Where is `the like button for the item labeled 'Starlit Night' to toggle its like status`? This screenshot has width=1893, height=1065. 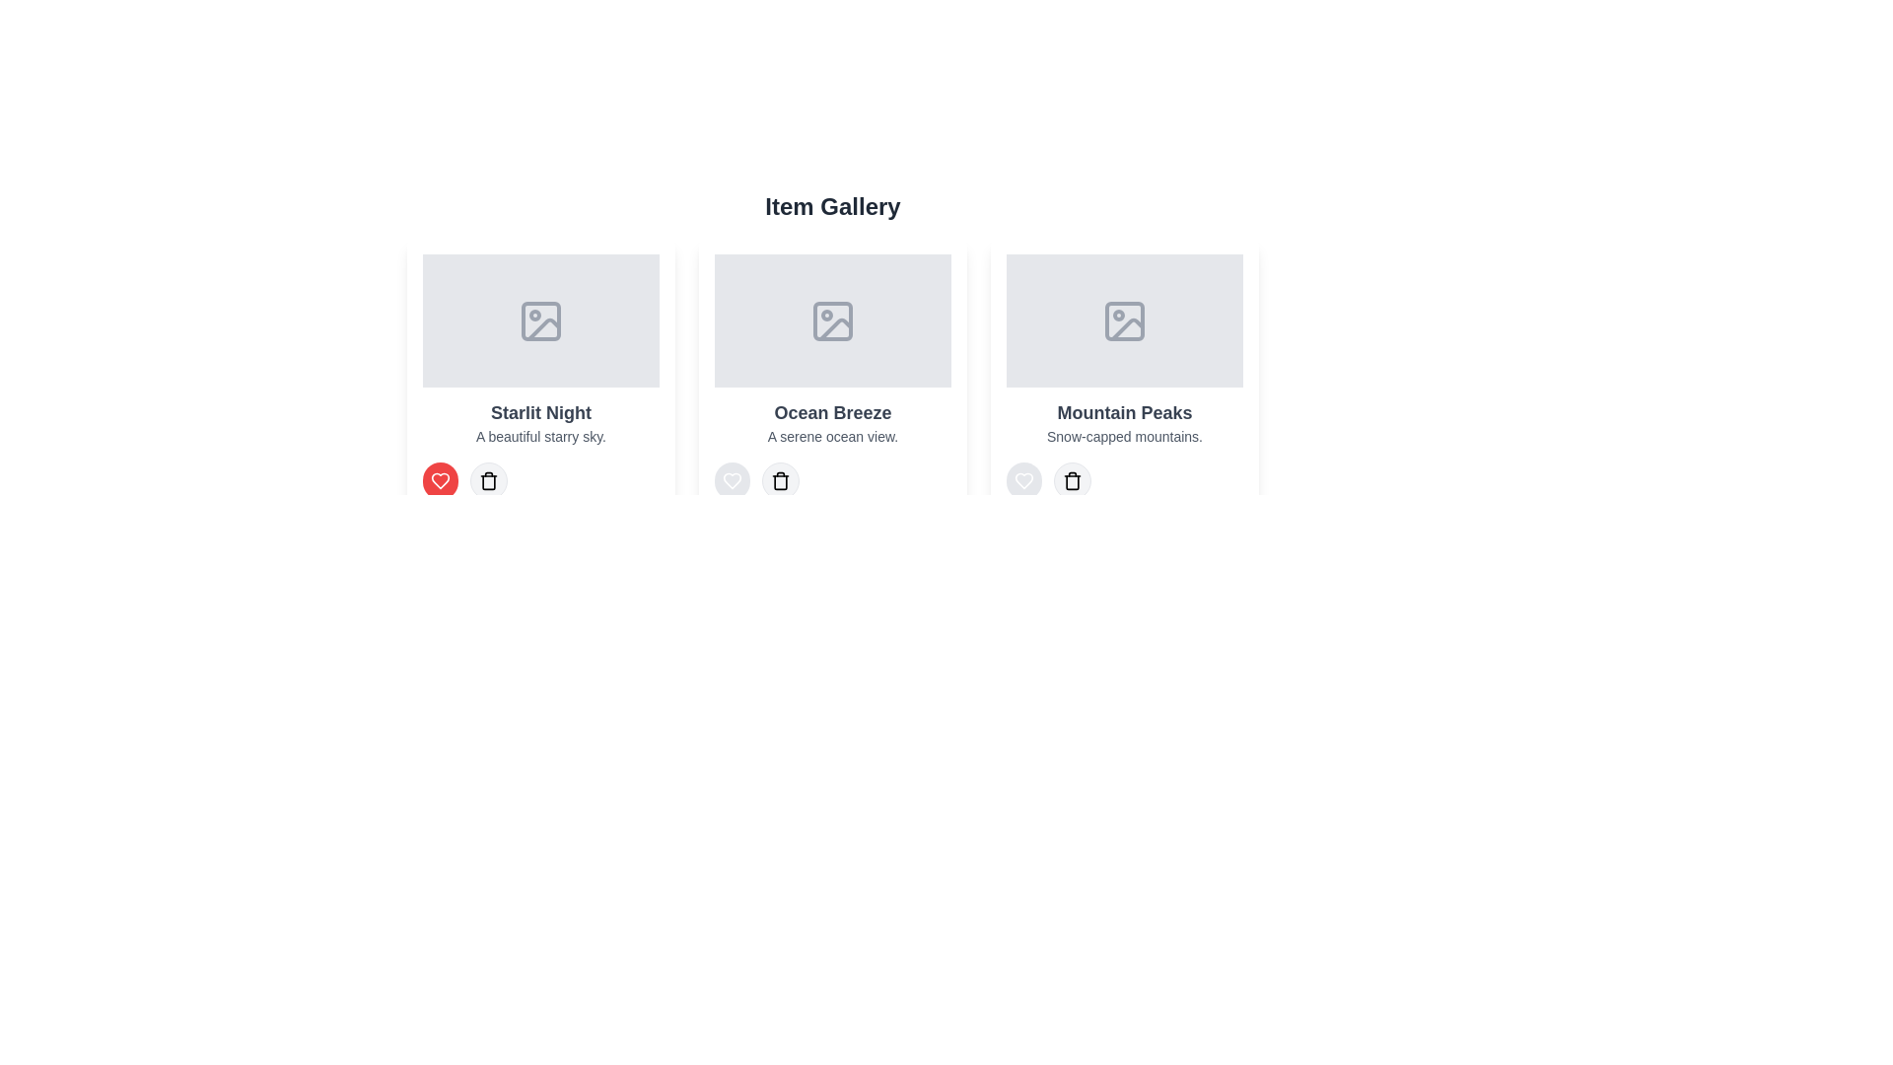 the like button for the item labeled 'Starlit Night' to toggle its like status is located at coordinates (439, 481).